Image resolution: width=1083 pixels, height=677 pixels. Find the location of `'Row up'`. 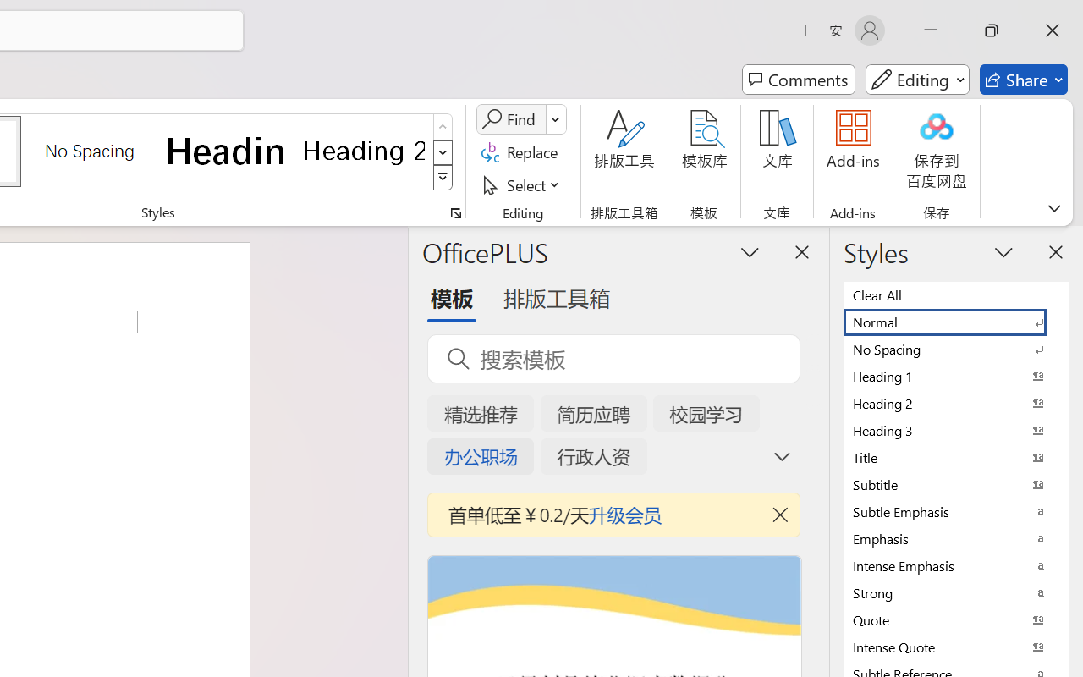

'Row up' is located at coordinates (443, 127).